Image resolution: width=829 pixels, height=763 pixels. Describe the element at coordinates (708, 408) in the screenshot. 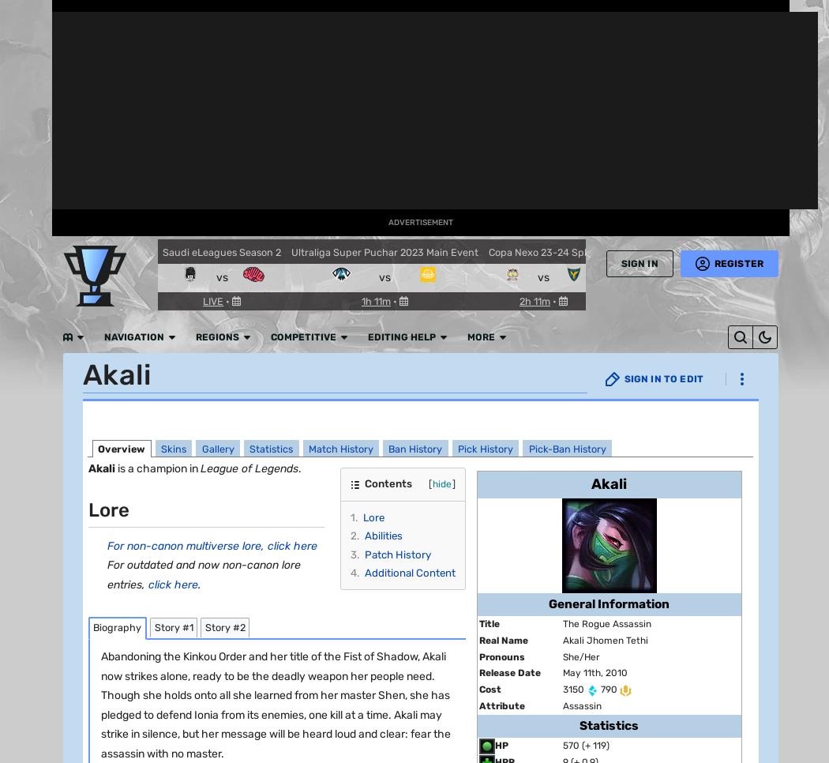

I see `'CC BY-SA 3.0'` at that location.